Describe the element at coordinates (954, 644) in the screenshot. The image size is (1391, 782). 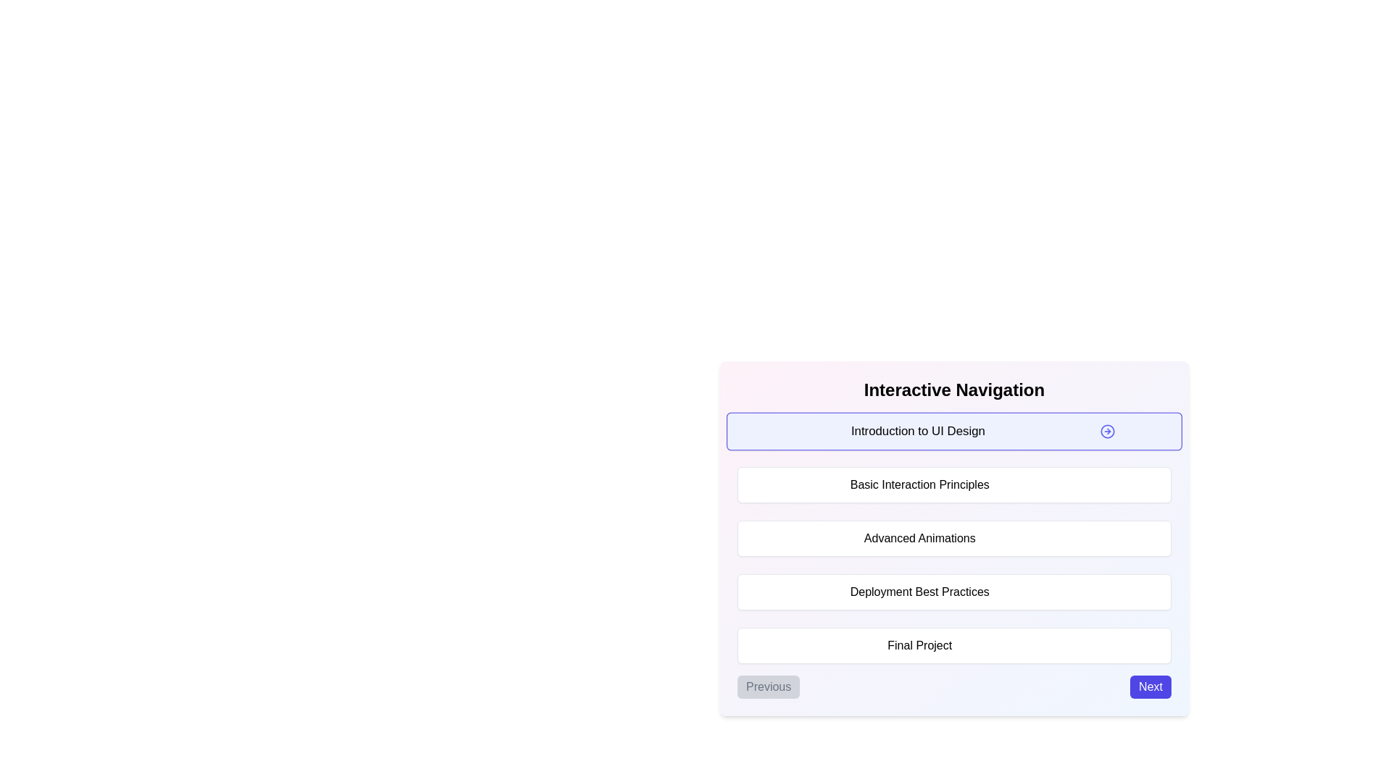
I see `the step labeled Final Project to navigate to it` at that location.